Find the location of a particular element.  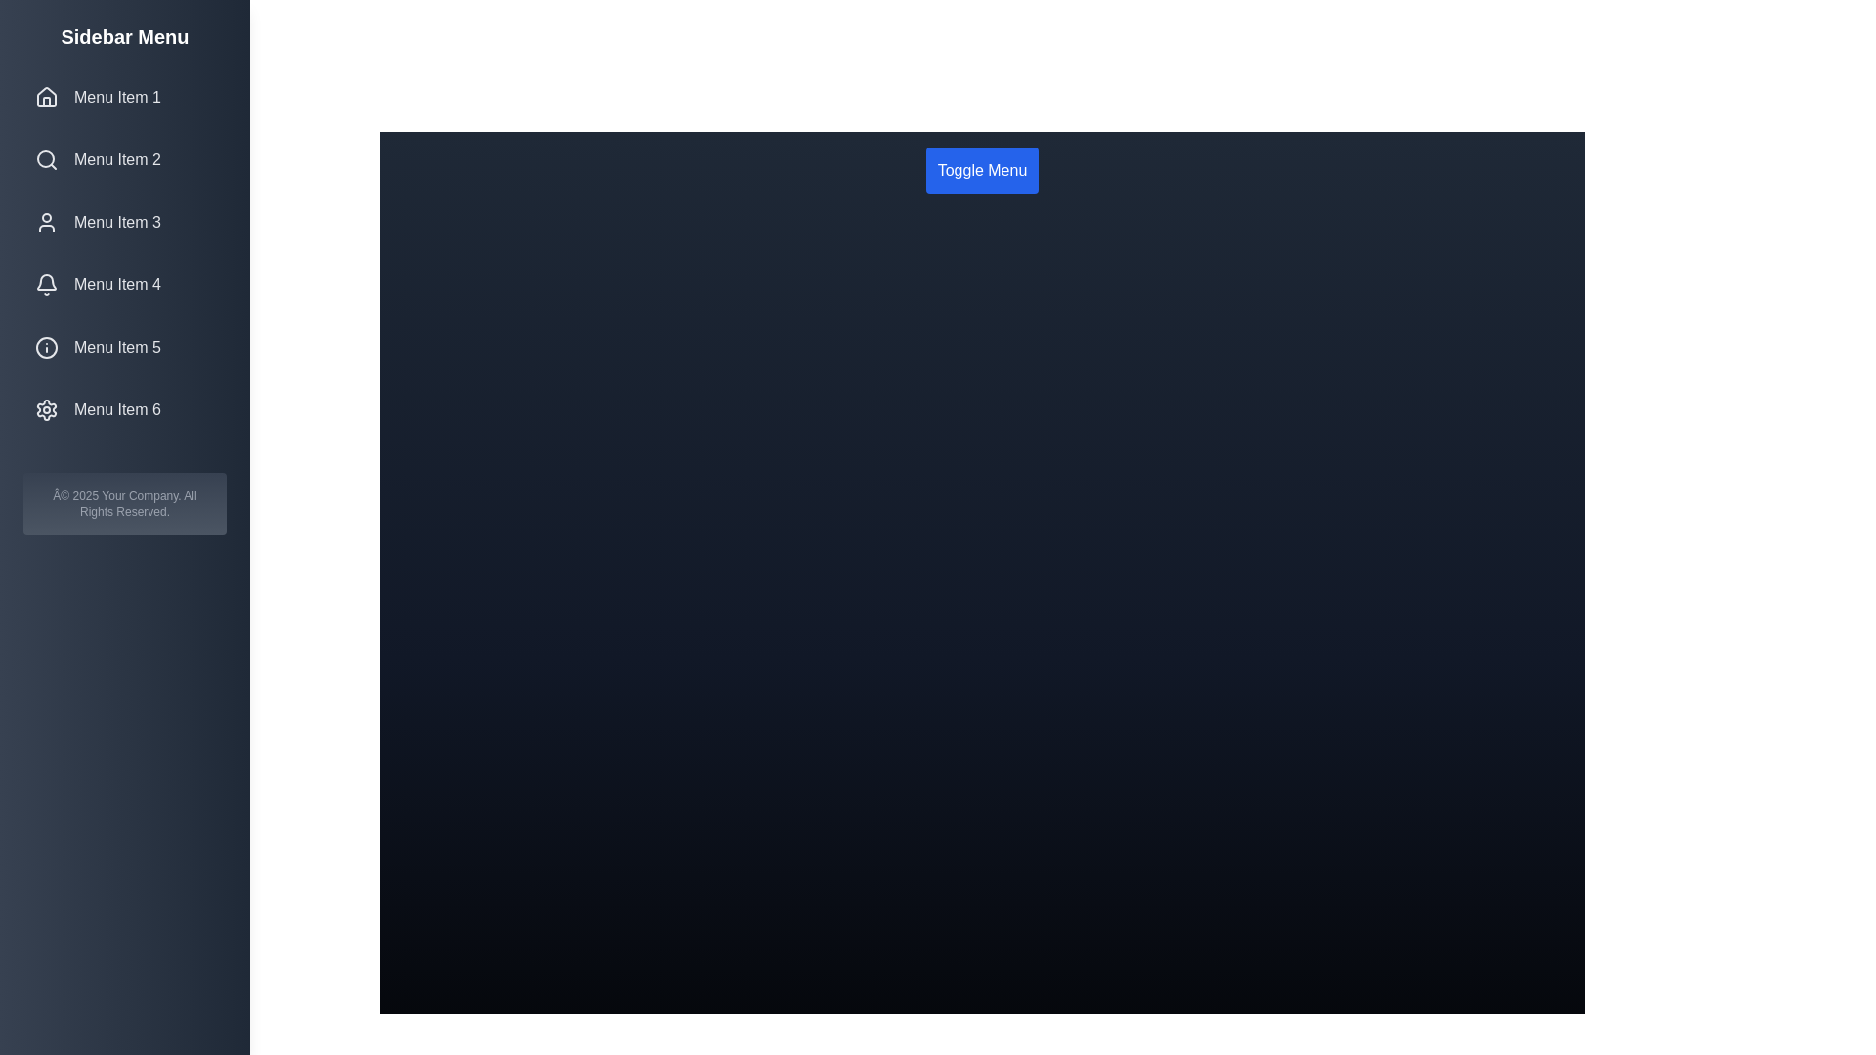

'Toggle Menu' button to toggle the sidebar menu visibility is located at coordinates (982, 169).